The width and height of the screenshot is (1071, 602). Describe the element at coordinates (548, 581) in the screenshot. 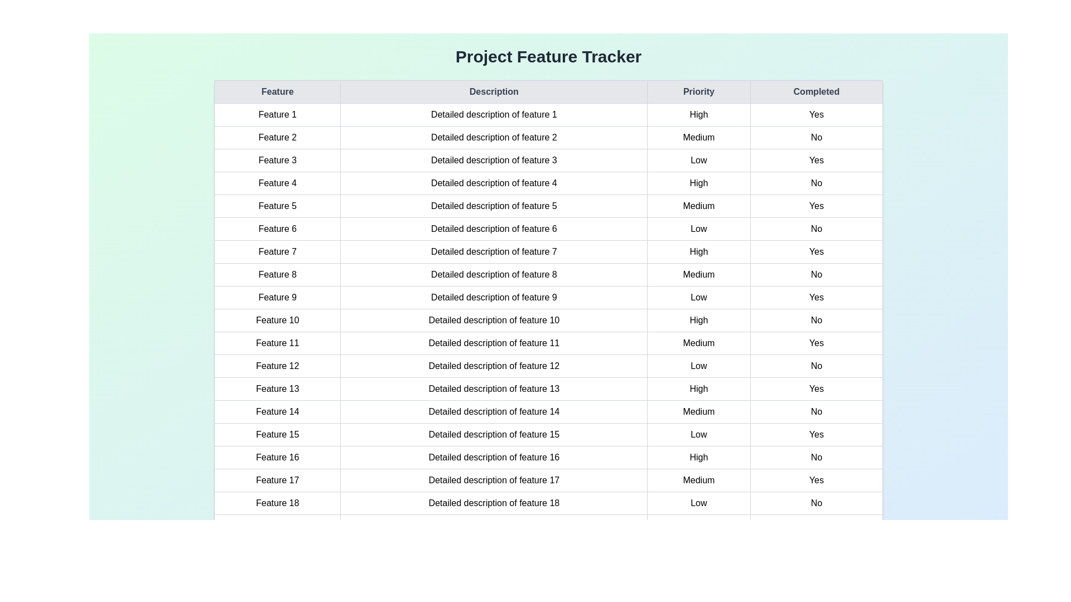

I see `the 'Add New Feature' button` at that location.